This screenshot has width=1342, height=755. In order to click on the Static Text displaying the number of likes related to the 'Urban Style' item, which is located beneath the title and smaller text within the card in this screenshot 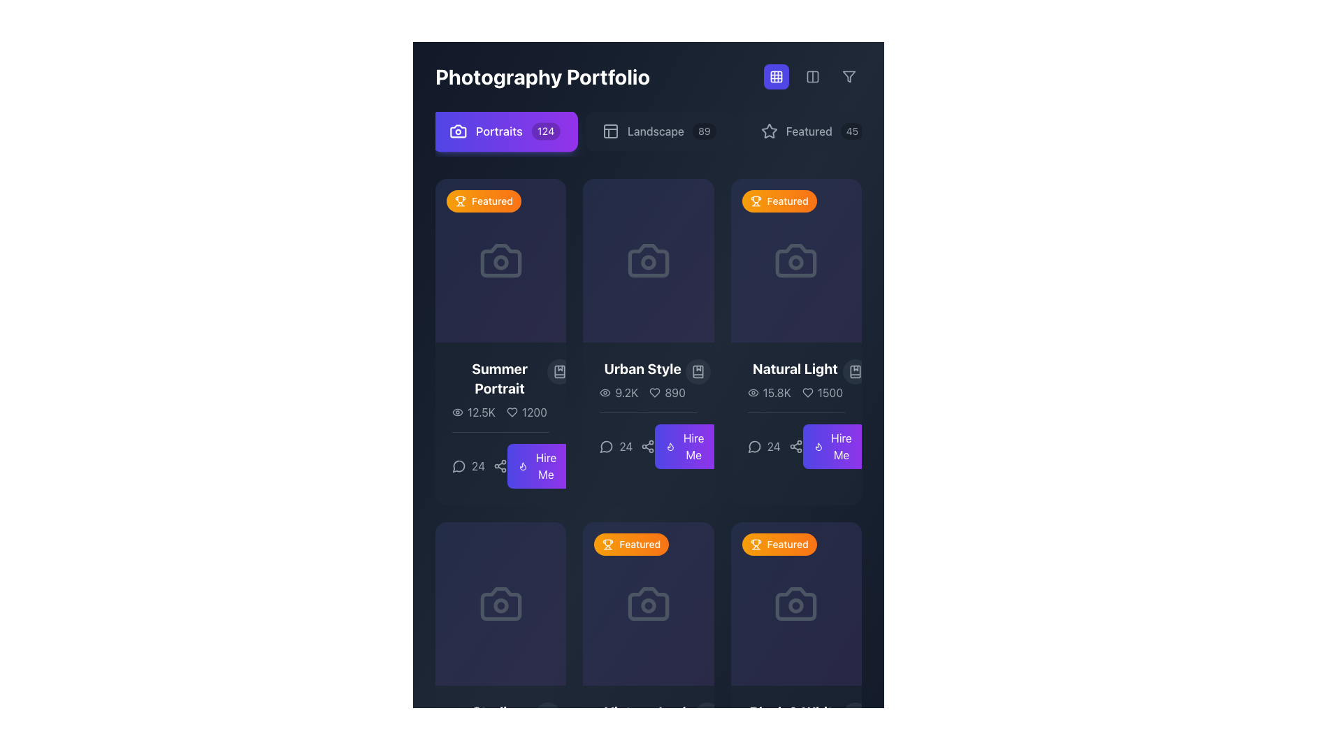, I will do `click(675, 393)`.